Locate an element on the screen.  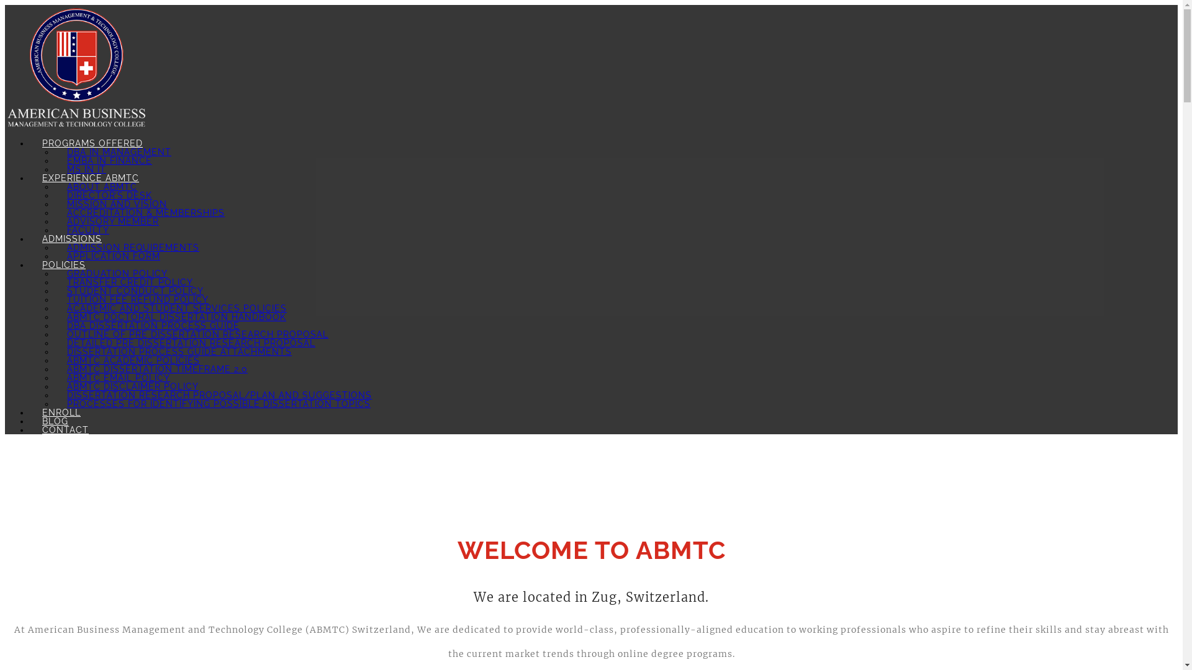
'PROGRAMS OFFERED' is located at coordinates (91, 143).